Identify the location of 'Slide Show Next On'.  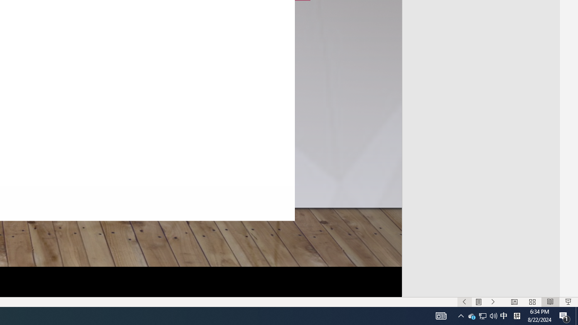
(493, 302).